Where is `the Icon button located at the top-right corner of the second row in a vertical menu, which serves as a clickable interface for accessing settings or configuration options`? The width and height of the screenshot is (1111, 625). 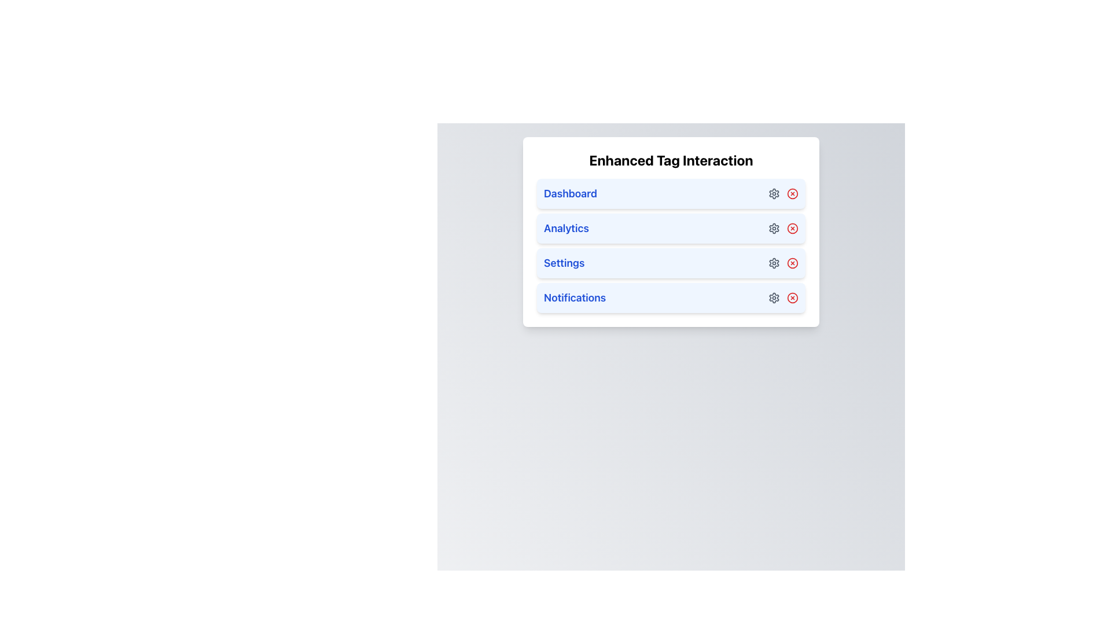 the Icon button located at the top-right corner of the second row in a vertical menu, which serves as a clickable interface for accessing settings or configuration options is located at coordinates (774, 228).